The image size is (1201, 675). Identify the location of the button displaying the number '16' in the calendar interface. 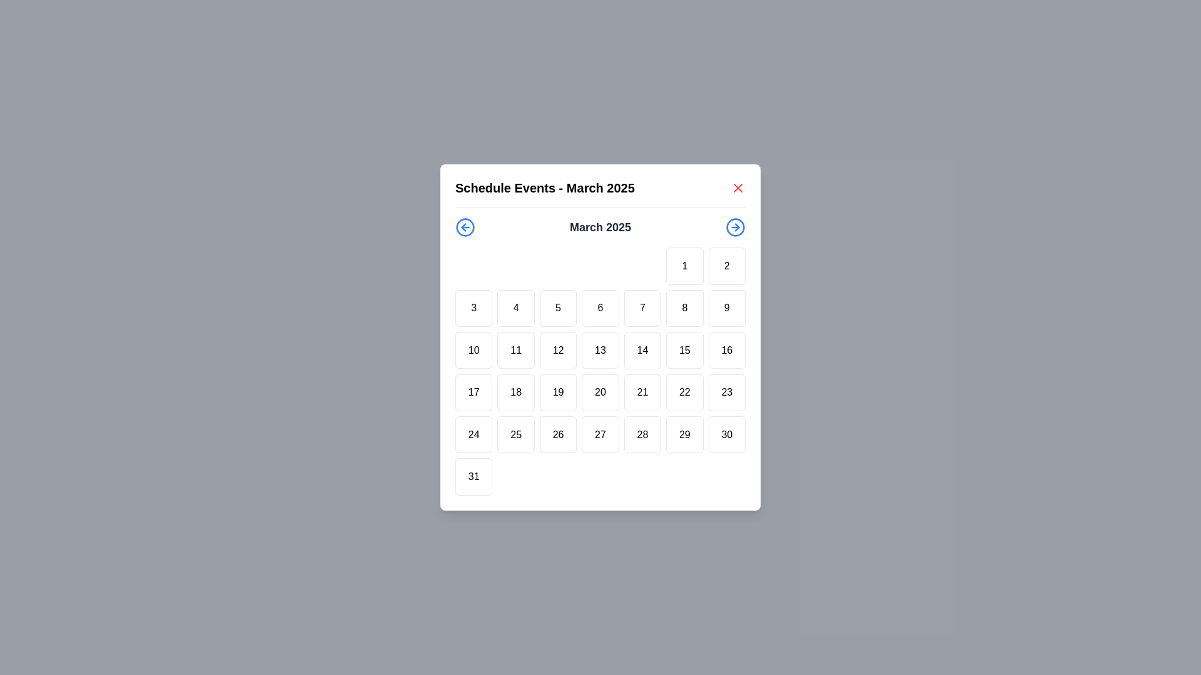
(727, 350).